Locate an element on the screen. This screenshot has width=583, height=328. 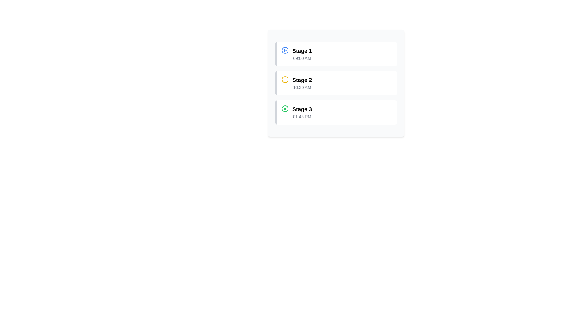
the 'Stage 3' display block, which shows the time '01:45 PM', located at the bottom of three vertically stacked cards is located at coordinates (336, 112).